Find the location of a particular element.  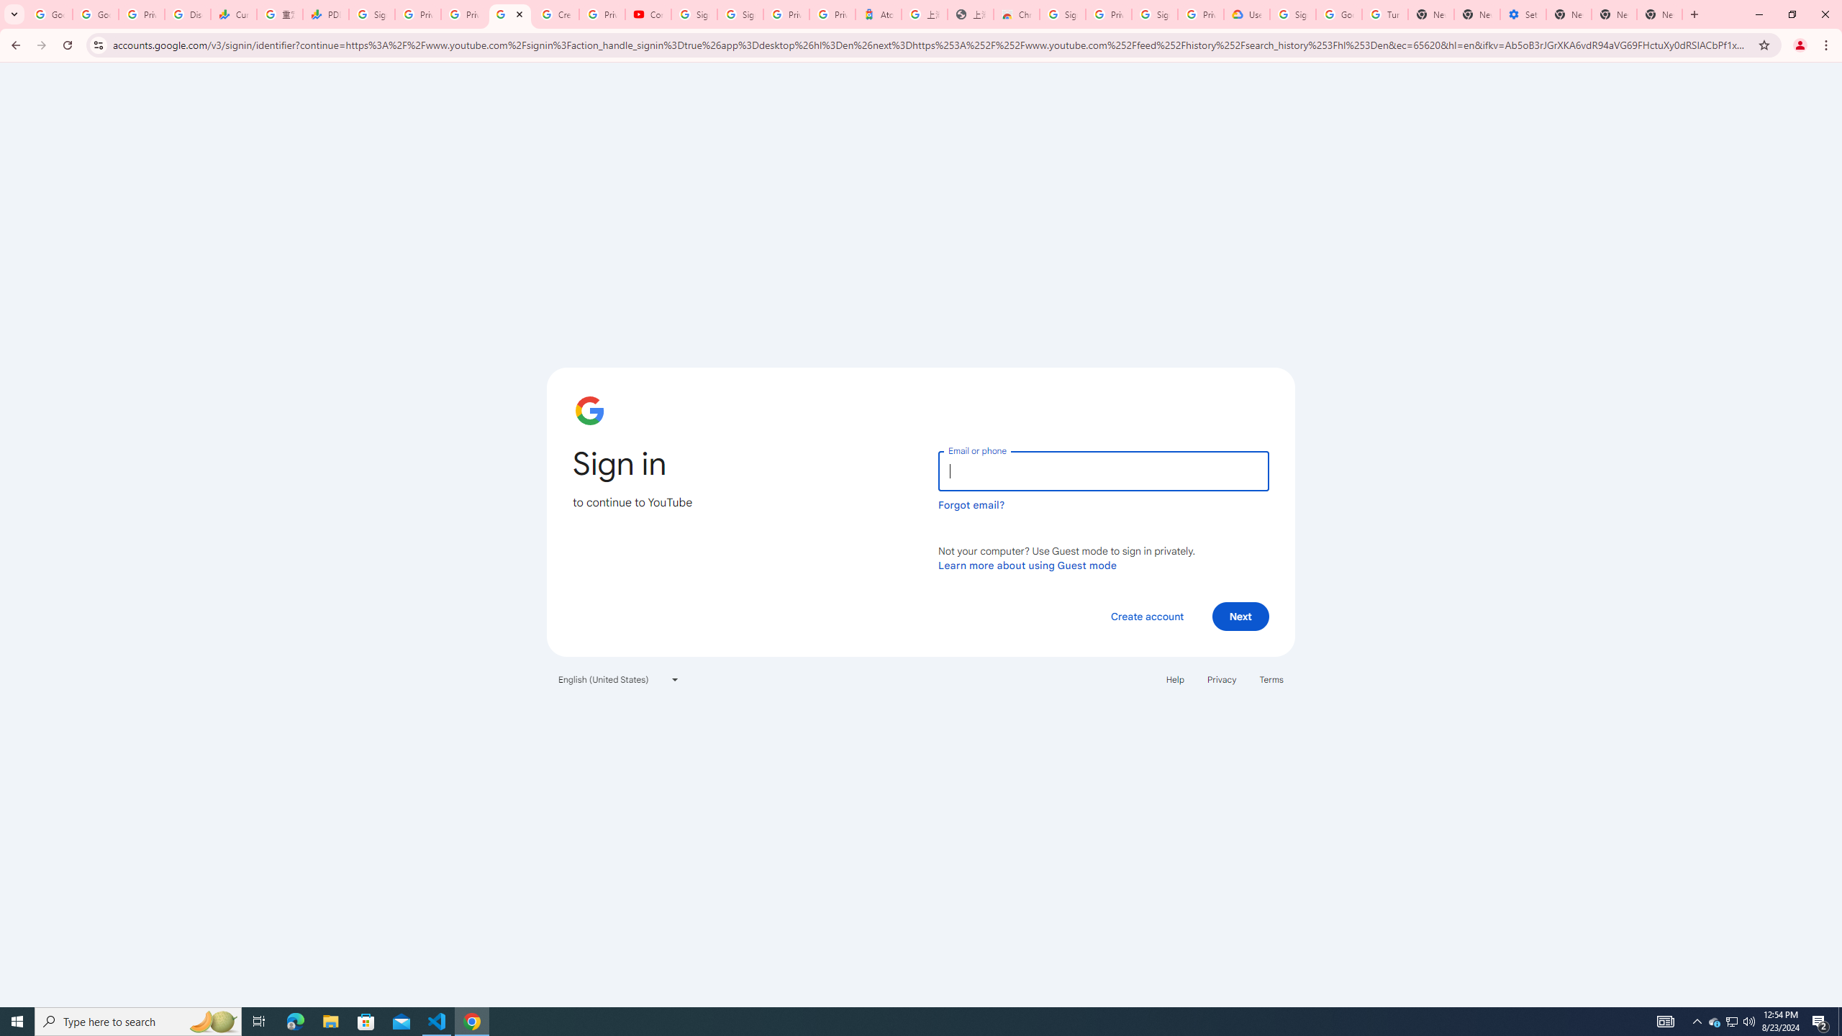

'Next' is located at coordinates (1240, 615).